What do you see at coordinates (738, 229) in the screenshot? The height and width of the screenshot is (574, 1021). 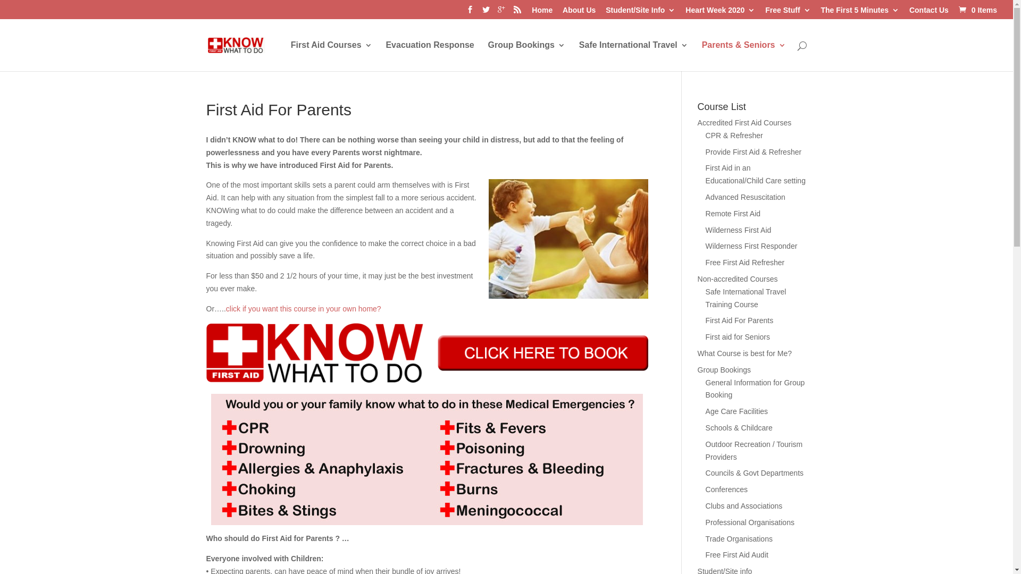 I see `'Wilderness First Aid'` at bounding box center [738, 229].